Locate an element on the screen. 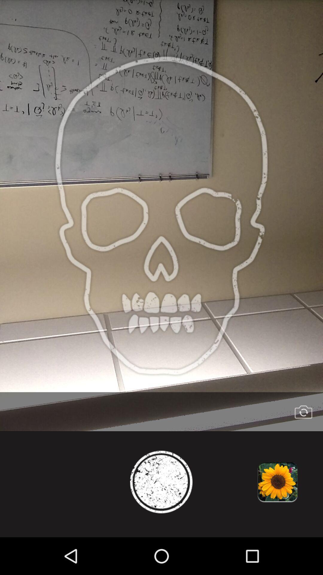 The width and height of the screenshot is (323, 575). the swap icon is located at coordinates (303, 441).